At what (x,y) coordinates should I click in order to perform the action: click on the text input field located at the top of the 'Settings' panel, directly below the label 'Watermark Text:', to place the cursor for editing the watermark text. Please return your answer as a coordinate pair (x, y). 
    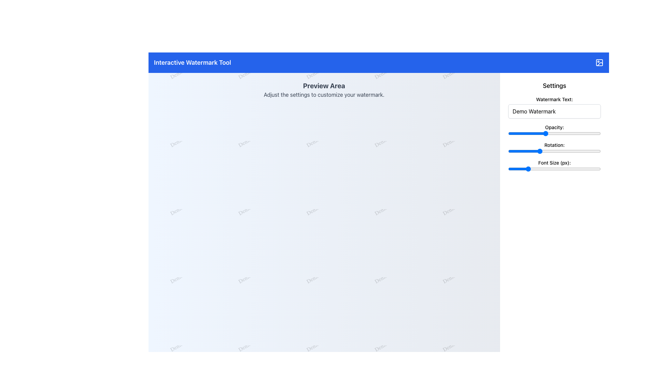
    Looking at the image, I should click on (554, 107).